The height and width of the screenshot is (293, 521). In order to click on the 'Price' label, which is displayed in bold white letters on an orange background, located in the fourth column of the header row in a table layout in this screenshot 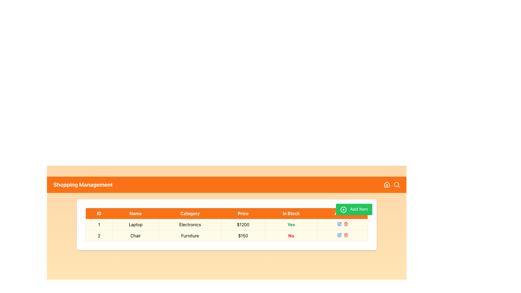, I will do `click(243, 213)`.